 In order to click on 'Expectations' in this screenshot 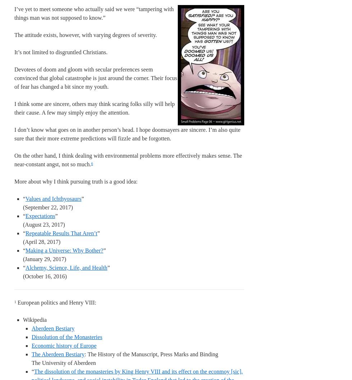, I will do `click(40, 216)`.